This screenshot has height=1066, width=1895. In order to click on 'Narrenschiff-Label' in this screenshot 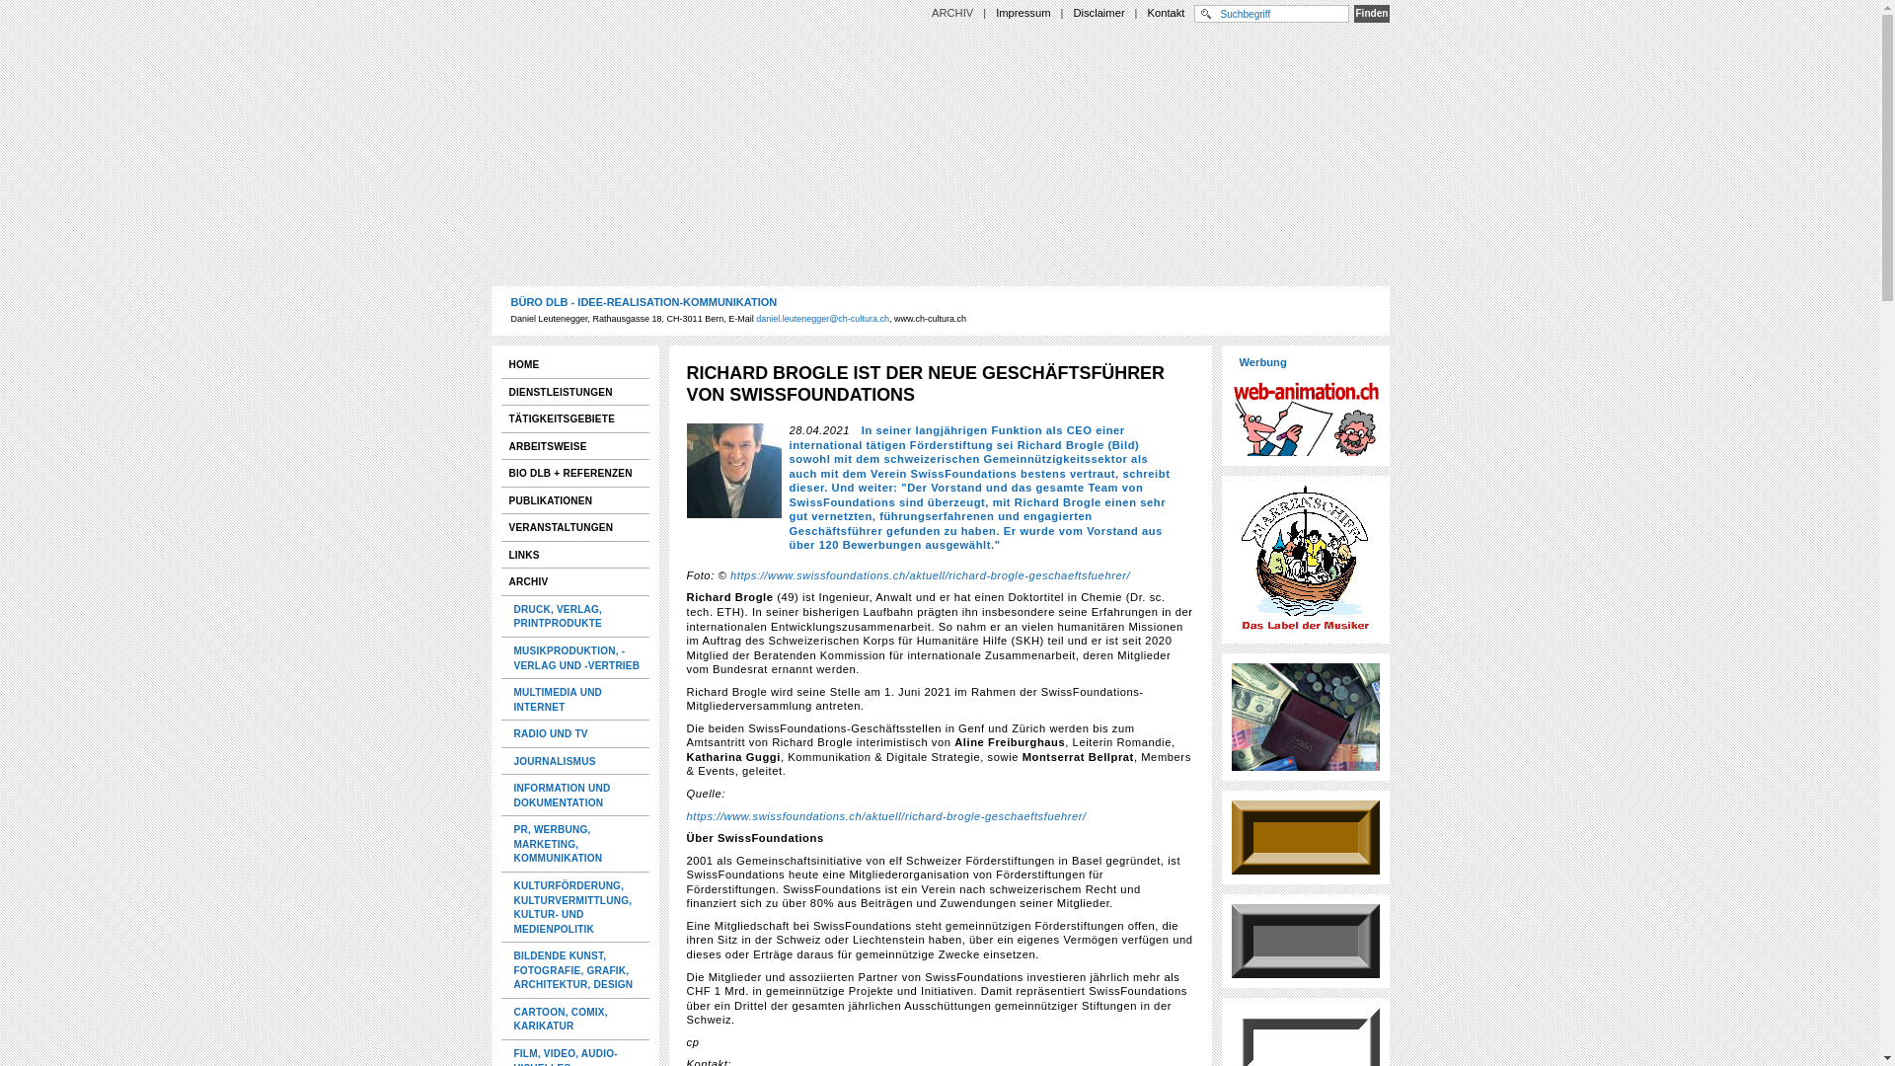, I will do `click(1306, 560)`.